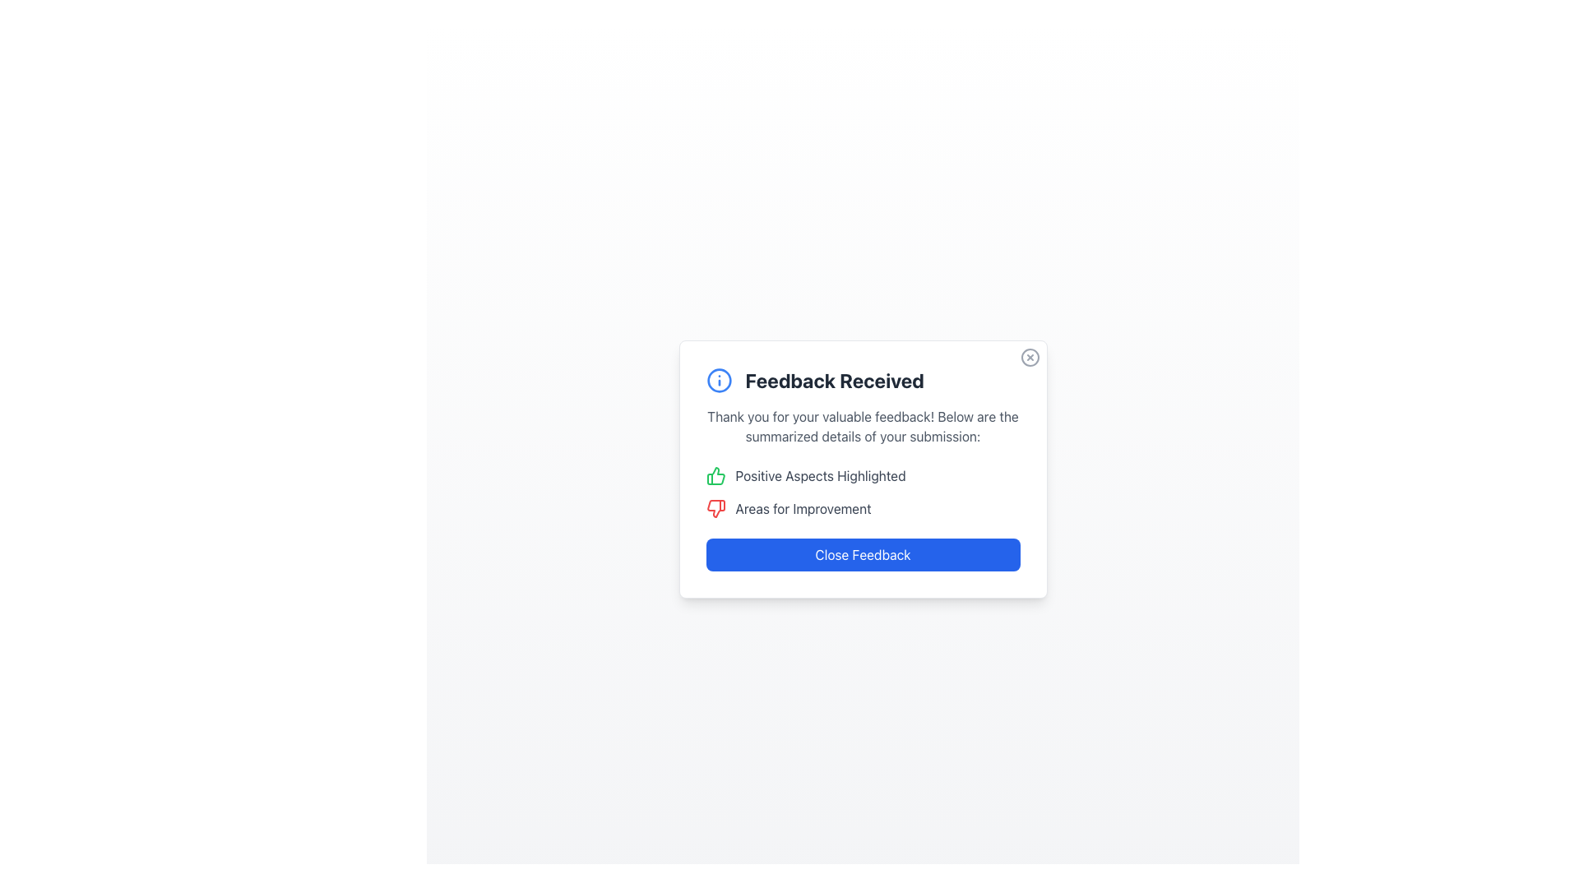 The width and height of the screenshot is (1579, 888). Describe the element at coordinates (803, 507) in the screenshot. I see `the text label reading 'Areas for Improvement' styled in gray text, which is positioned in the feedback summary card below the 'Positive Aspects Highlighted' label and next to a red thumbs-down icon` at that location.